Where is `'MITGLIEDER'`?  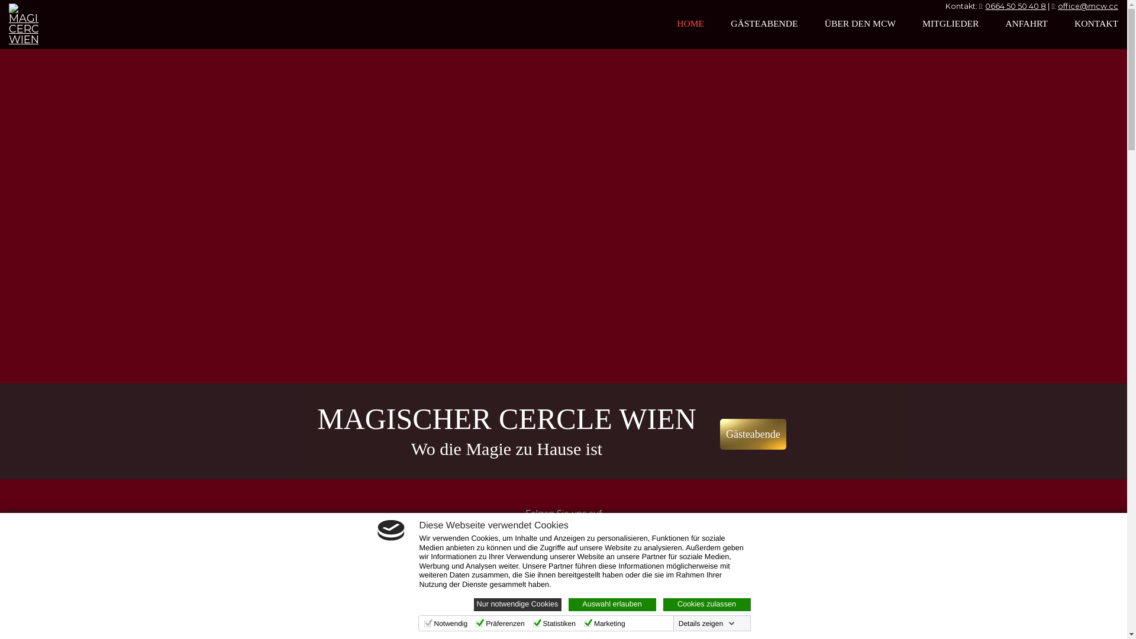 'MITGLIEDER' is located at coordinates (922, 24).